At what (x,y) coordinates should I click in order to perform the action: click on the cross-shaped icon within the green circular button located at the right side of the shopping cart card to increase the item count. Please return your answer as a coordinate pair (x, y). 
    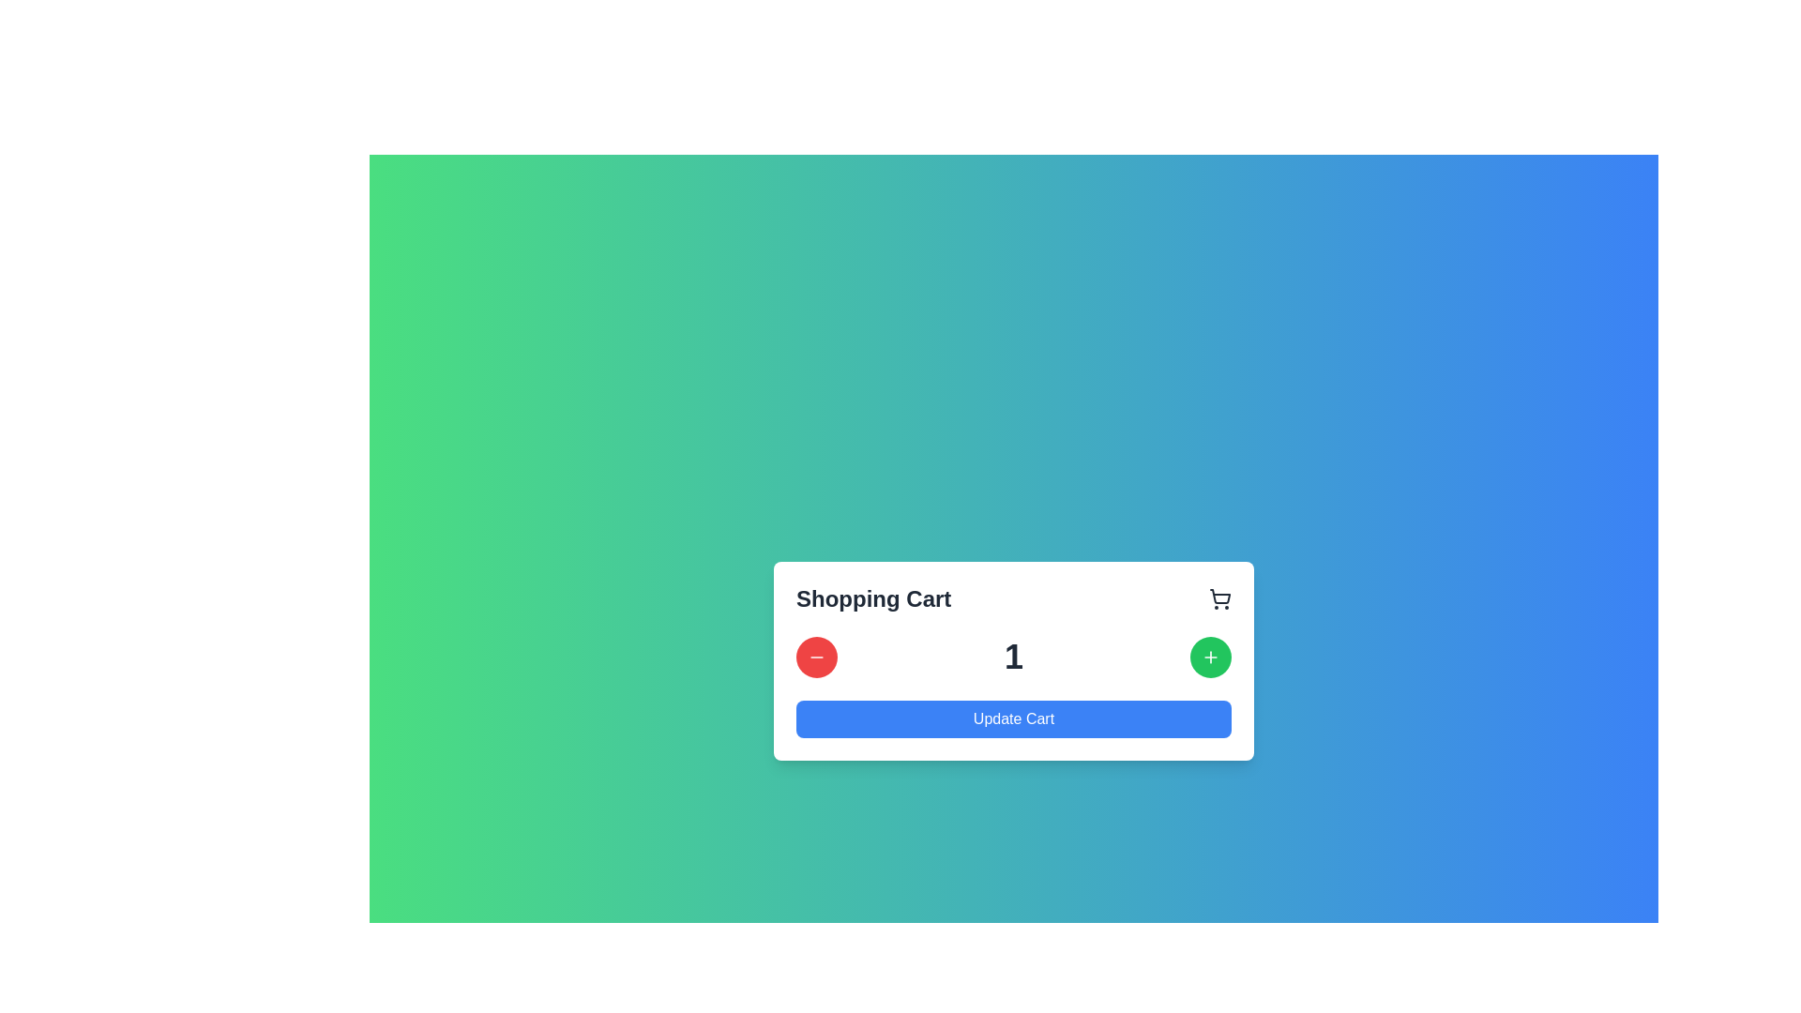
    Looking at the image, I should click on (1211, 657).